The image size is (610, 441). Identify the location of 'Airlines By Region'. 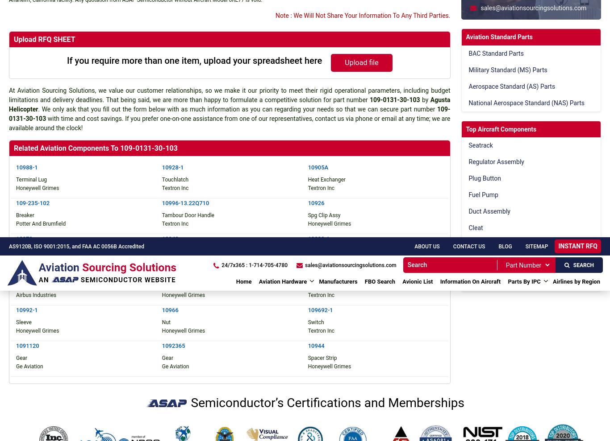
(291, 15).